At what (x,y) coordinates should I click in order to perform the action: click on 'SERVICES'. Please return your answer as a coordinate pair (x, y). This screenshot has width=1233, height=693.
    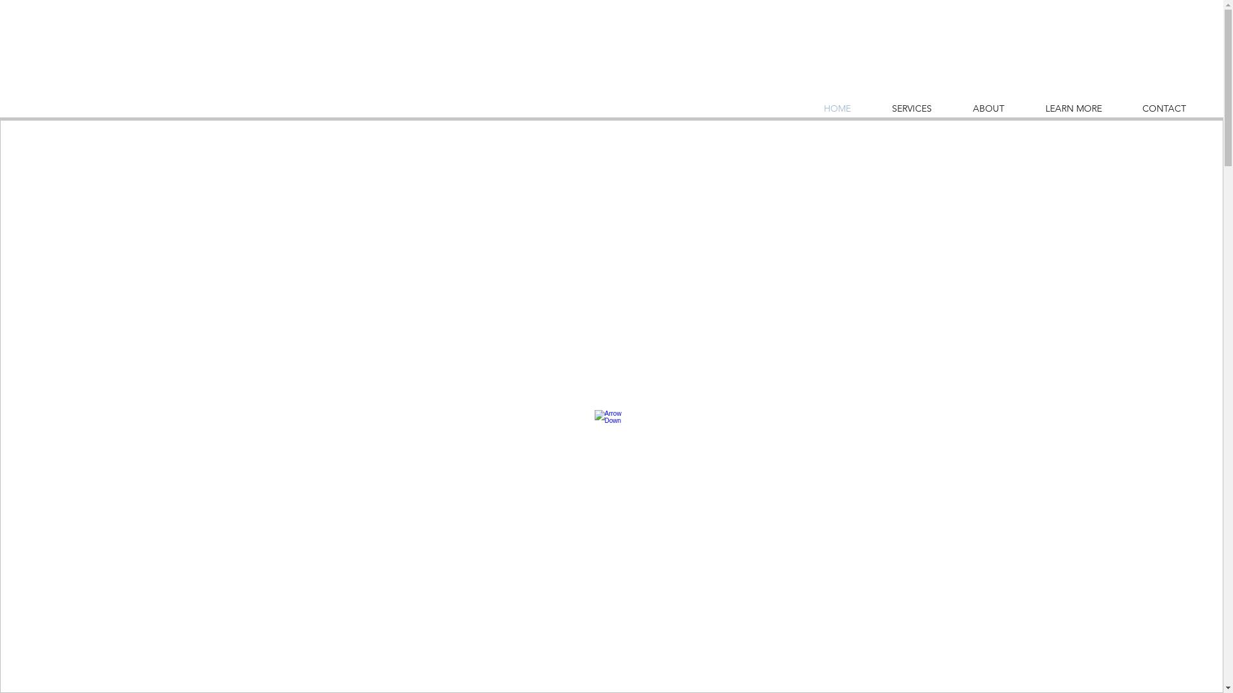
    Looking at the image, I should click on (871, 108).